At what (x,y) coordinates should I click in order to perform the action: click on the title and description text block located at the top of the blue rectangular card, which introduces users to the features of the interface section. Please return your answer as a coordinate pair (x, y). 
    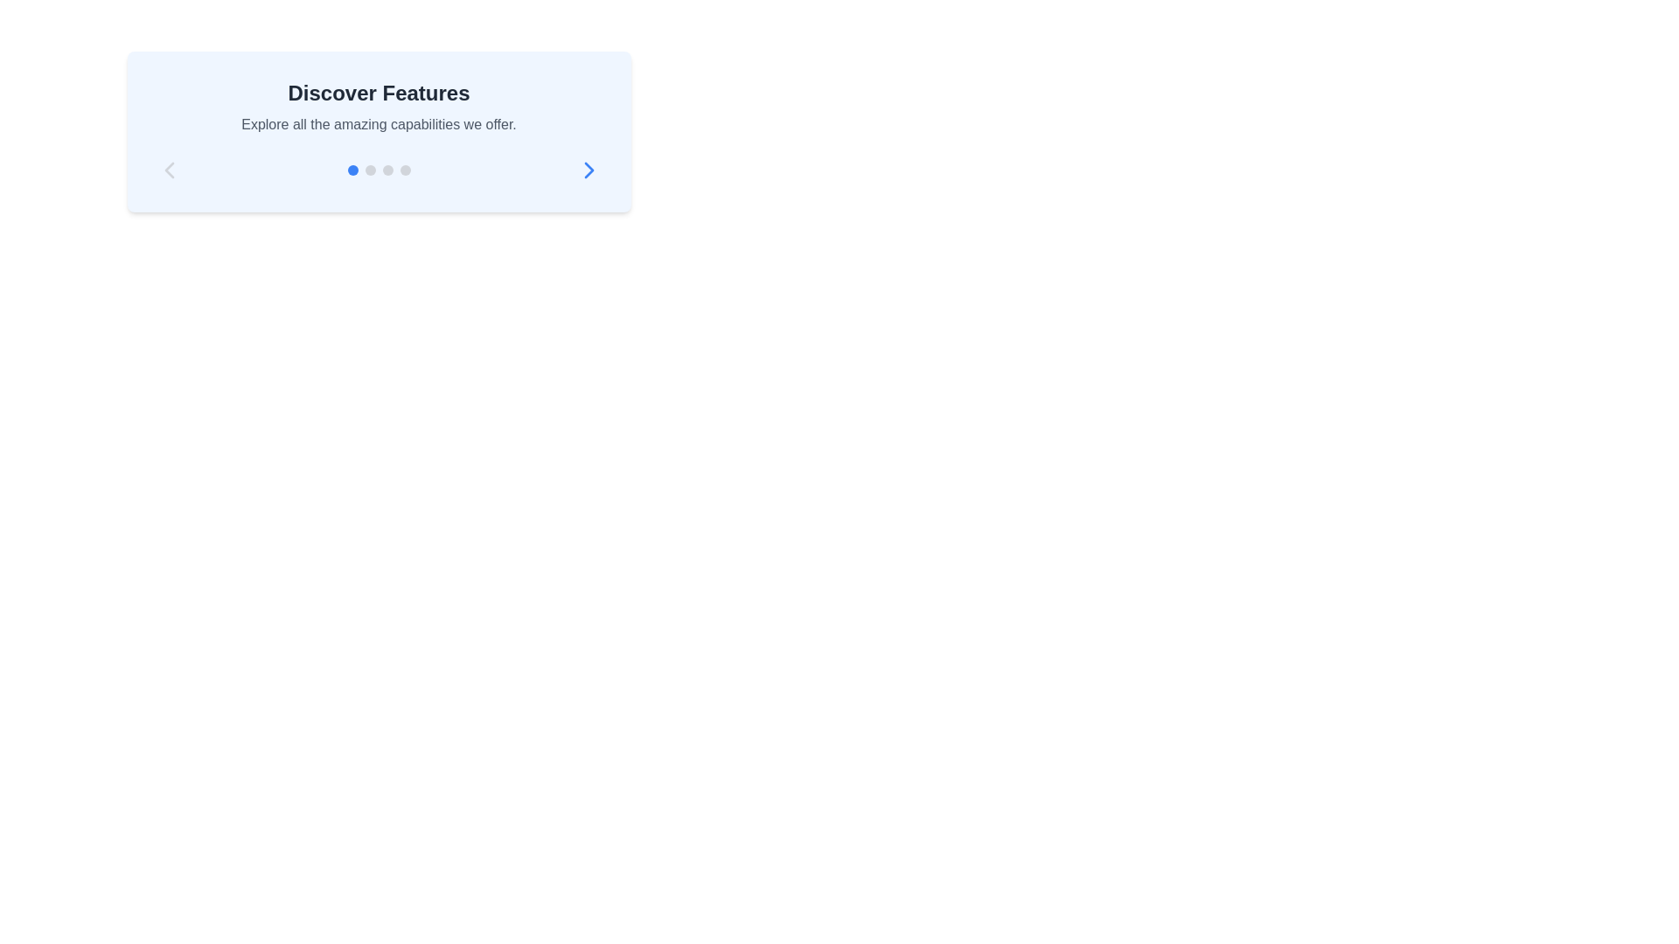
    Looking at the image, I should click on (378, 108).